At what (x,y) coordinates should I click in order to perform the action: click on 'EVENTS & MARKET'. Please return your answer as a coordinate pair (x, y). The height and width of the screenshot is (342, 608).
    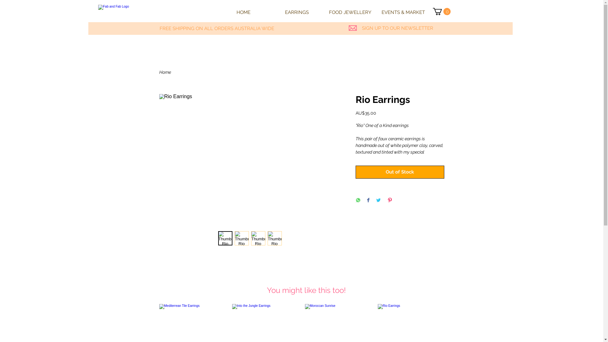
    Looking at the image, I should click on (403, 12).